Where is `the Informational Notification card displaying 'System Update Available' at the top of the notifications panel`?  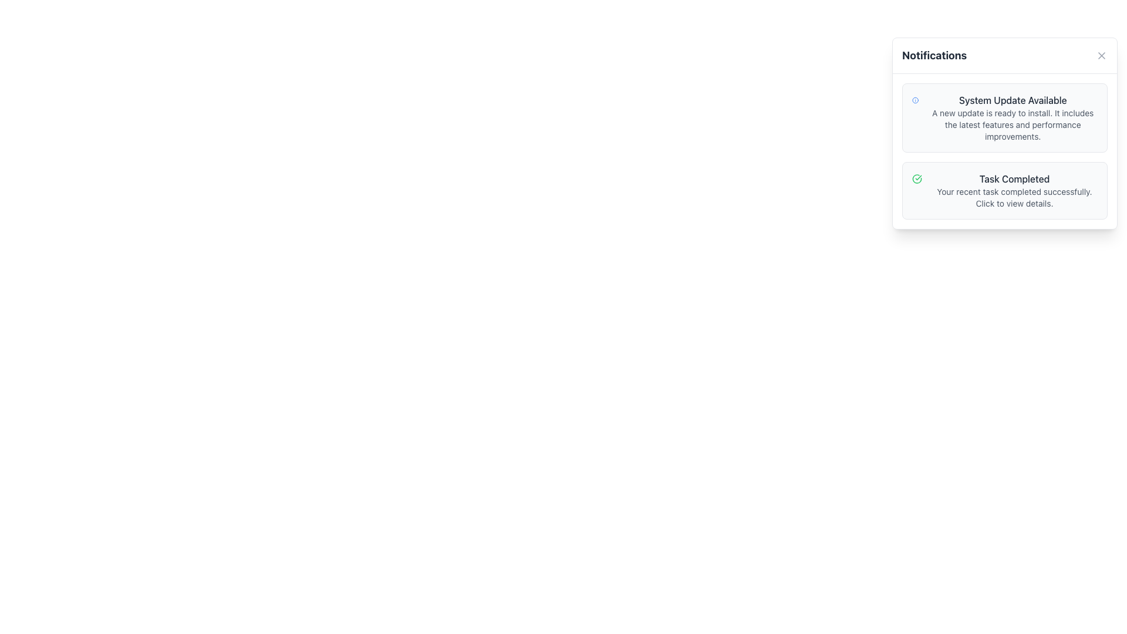 the Informational Notification card displaying 'System Update Available' at the top of the notifications panel is located at coordinates (1012, 117).